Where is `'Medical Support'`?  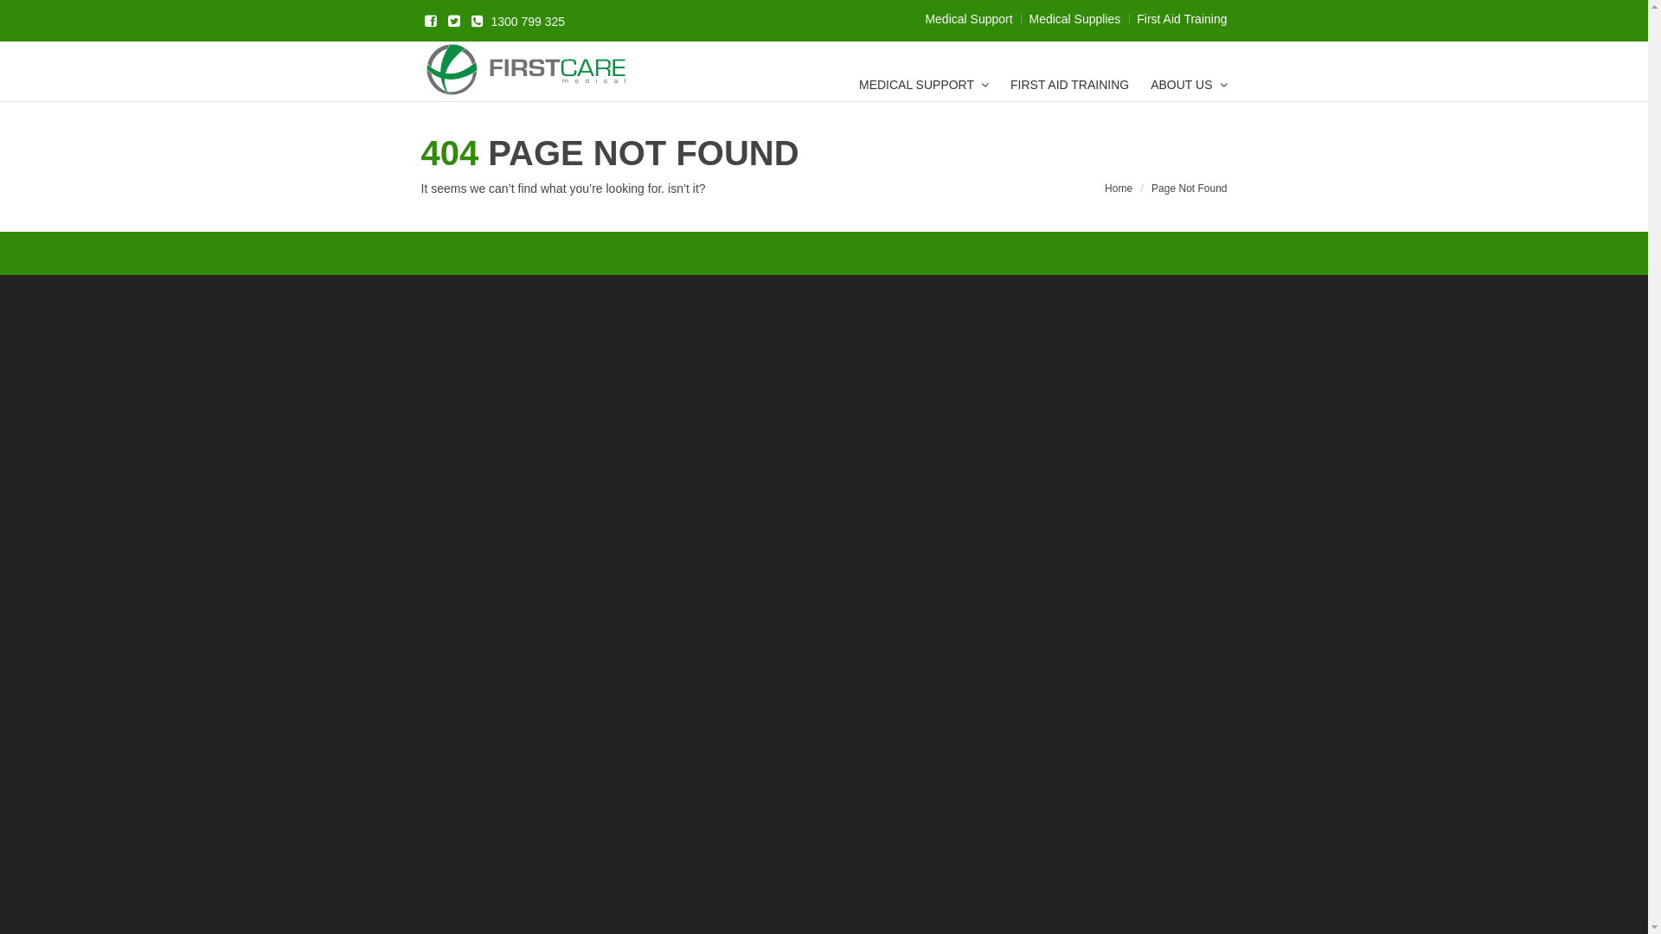
'Medical Support' is located at coordinates (967, 19).